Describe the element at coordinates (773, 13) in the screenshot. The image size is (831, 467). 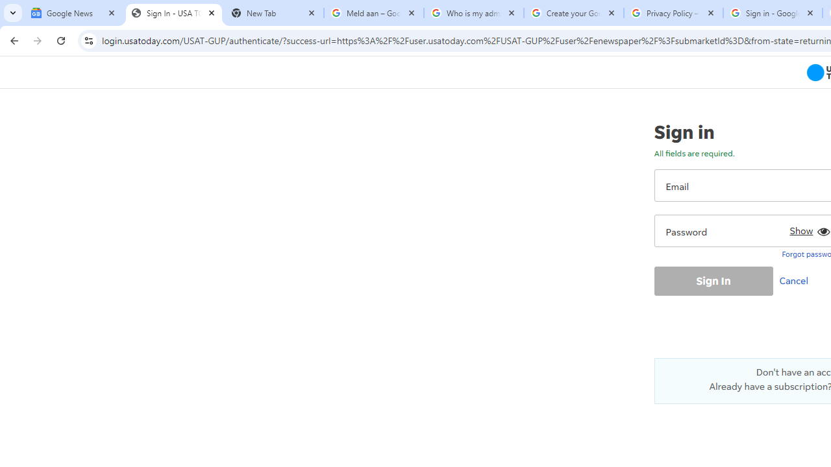
I see `'Sign in - Google Accounts'` at that location.